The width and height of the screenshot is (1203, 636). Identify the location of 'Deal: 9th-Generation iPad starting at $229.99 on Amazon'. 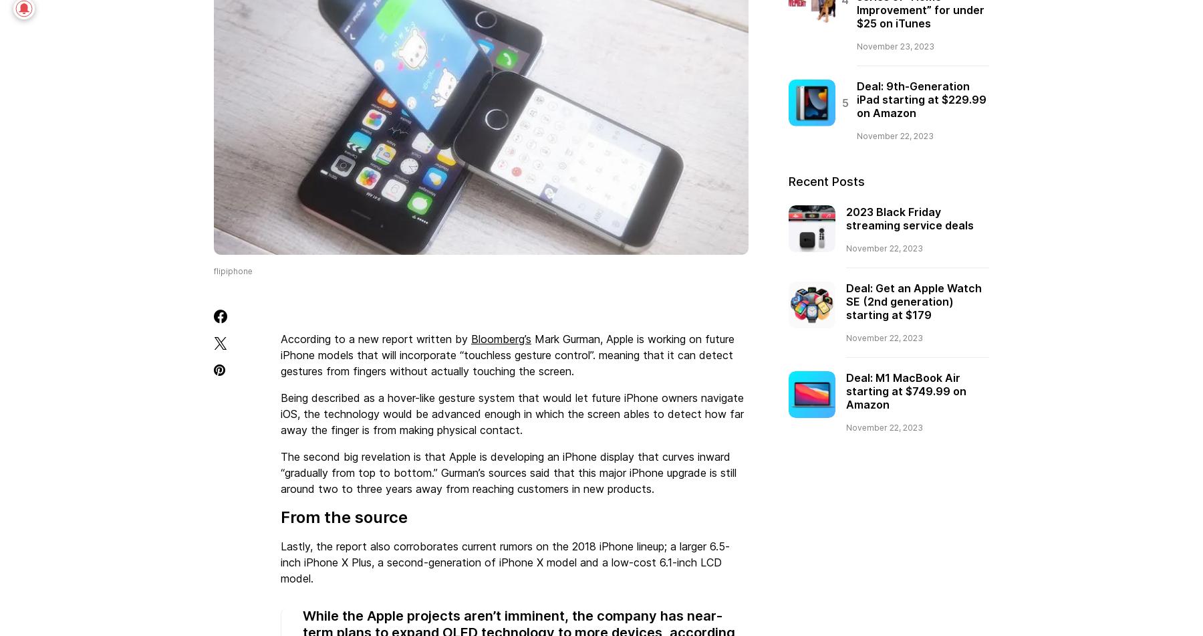
(920, 98).